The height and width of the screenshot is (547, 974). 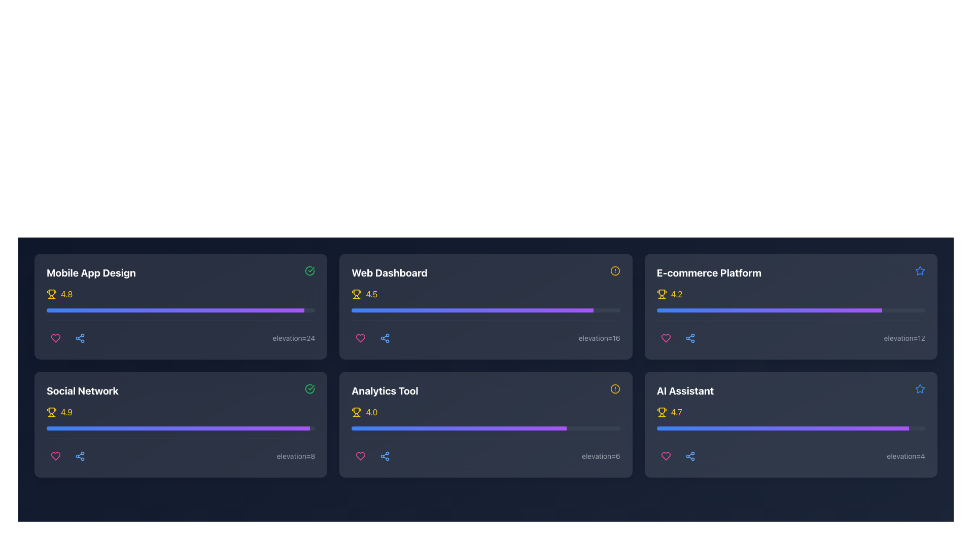 I want to click on the heart icon located at the bottom-left corner of the second card from the left in the upper row, so click(x=361, y=338).